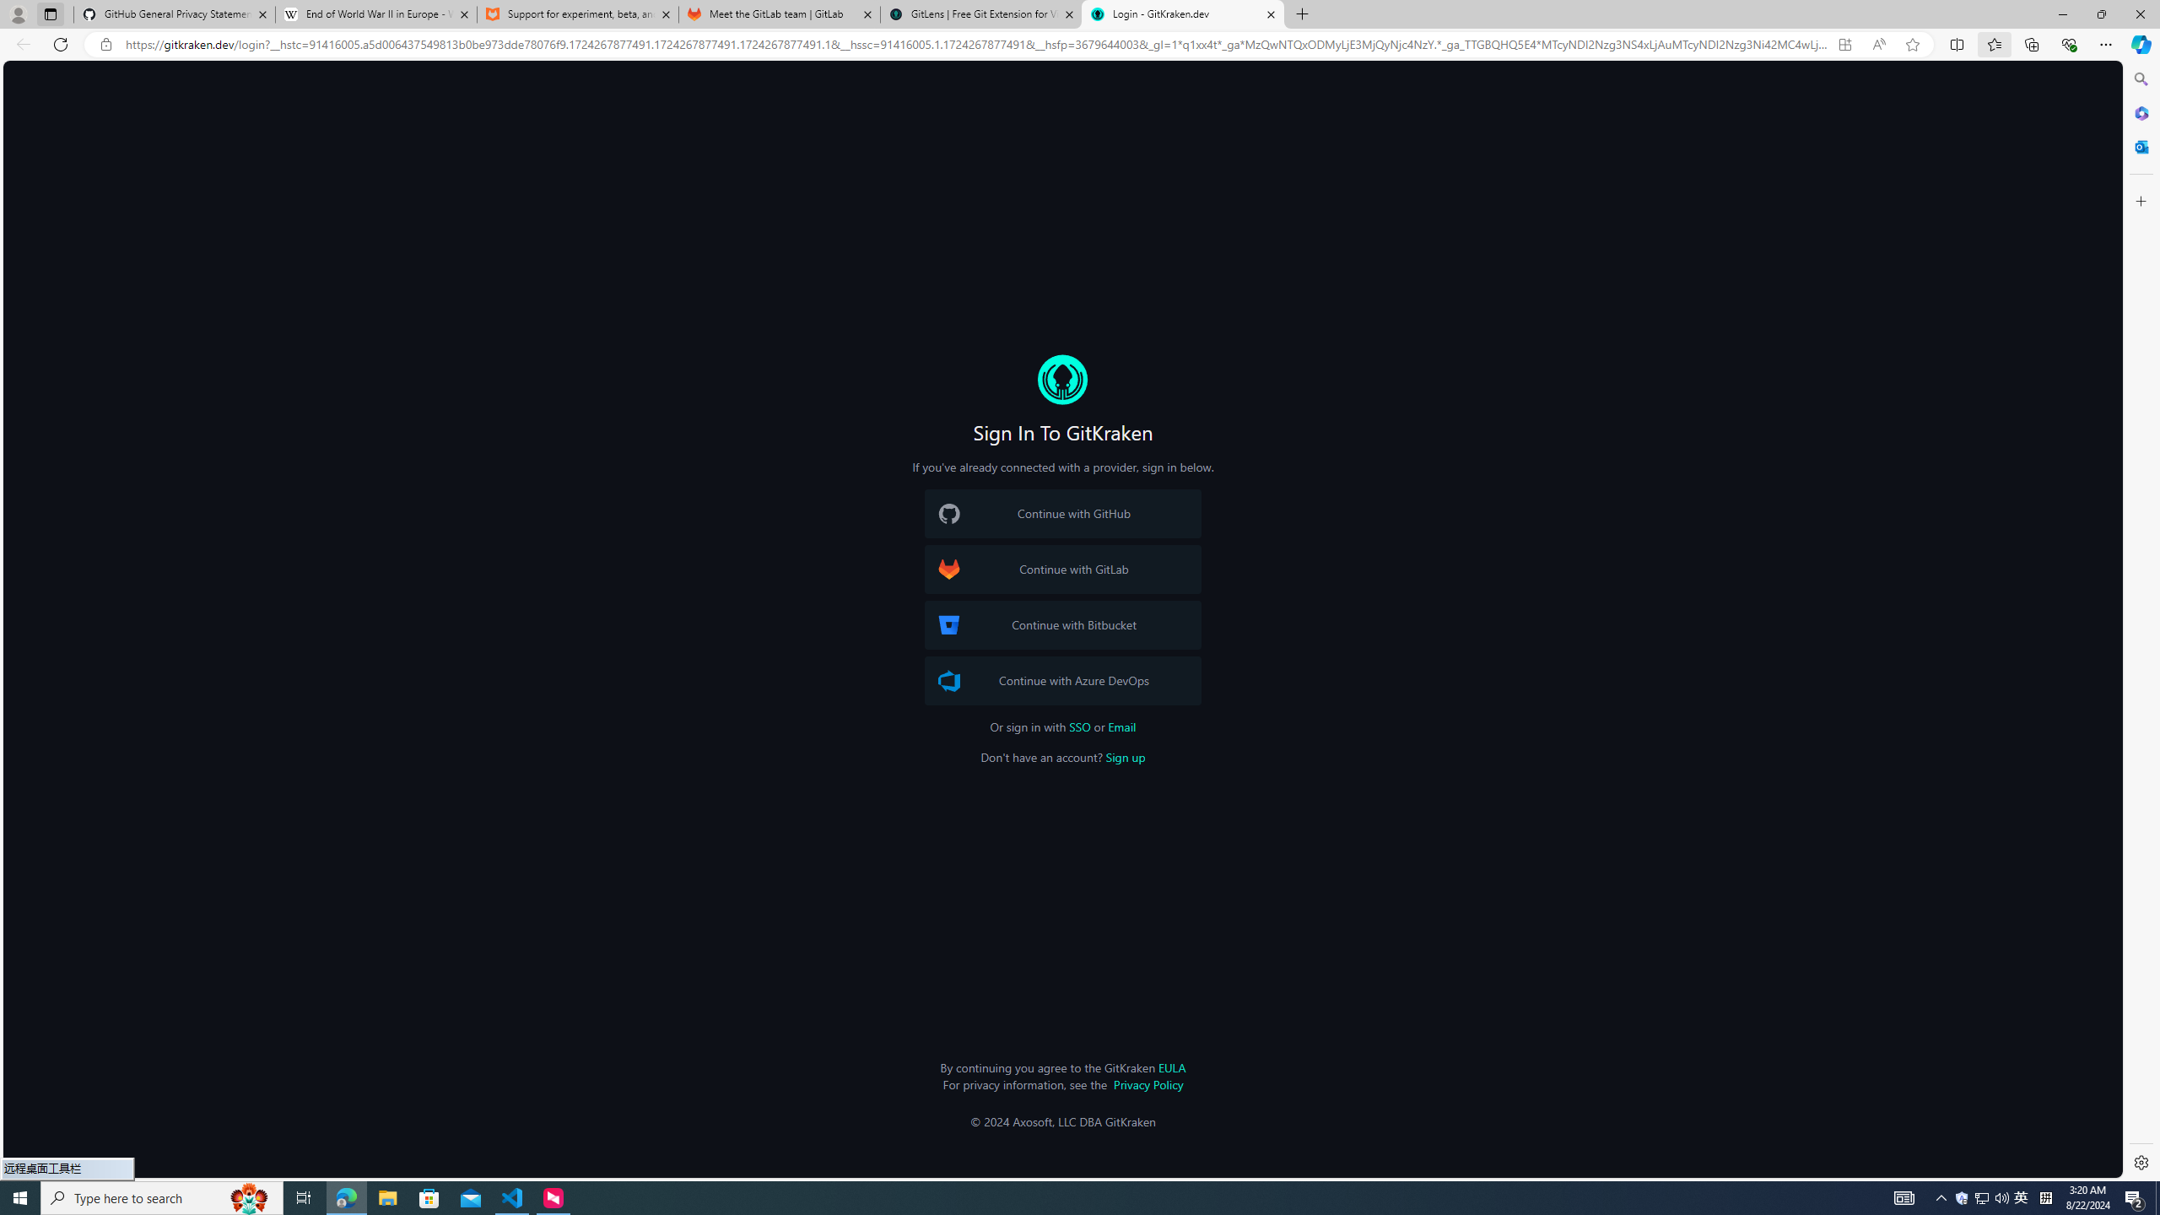  What do you see at coordinates (175, 13) in the screenshot?
I see `'GitHub General Privacy Statement - GitHub Docs'` at bounding box center [175, 13].